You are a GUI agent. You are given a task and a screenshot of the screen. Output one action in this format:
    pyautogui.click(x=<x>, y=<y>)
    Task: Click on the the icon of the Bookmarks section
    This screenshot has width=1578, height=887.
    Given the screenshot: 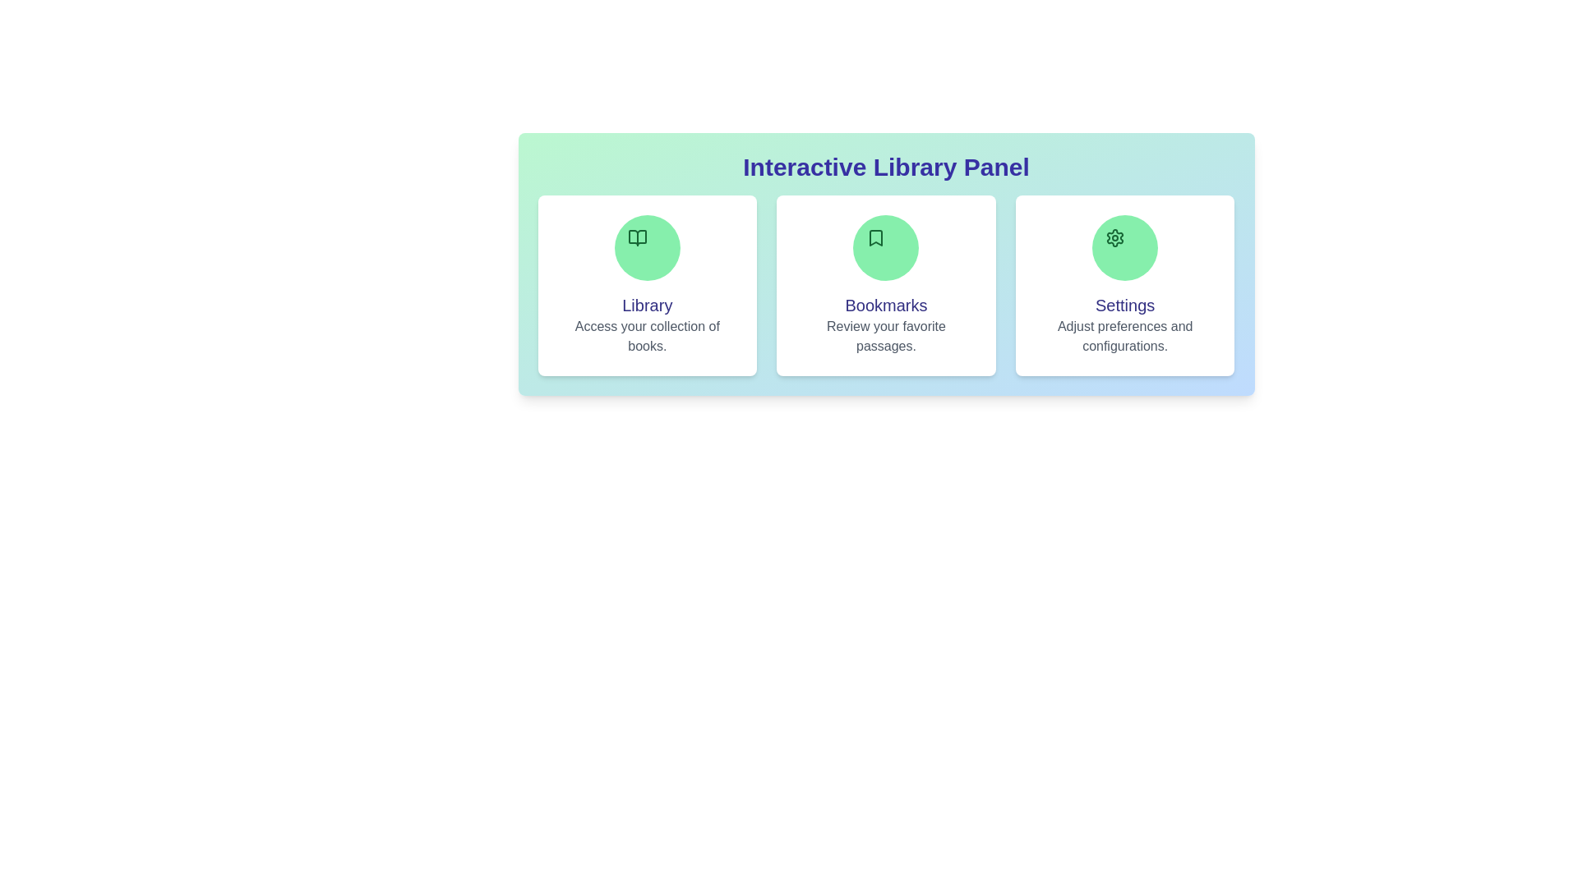 What is the action you would take?
    pyautogui.click(x=885, y=247)
    